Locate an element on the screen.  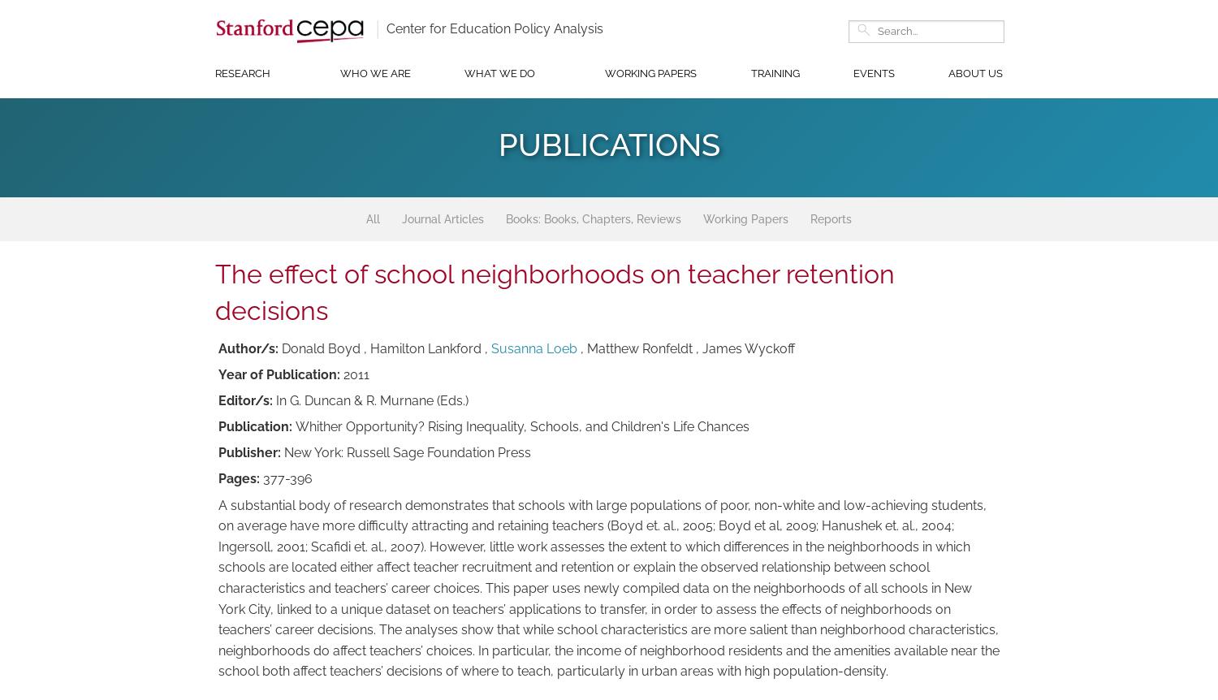
'Center for Education Policy Analysis' is located at coordinates (494, 28).